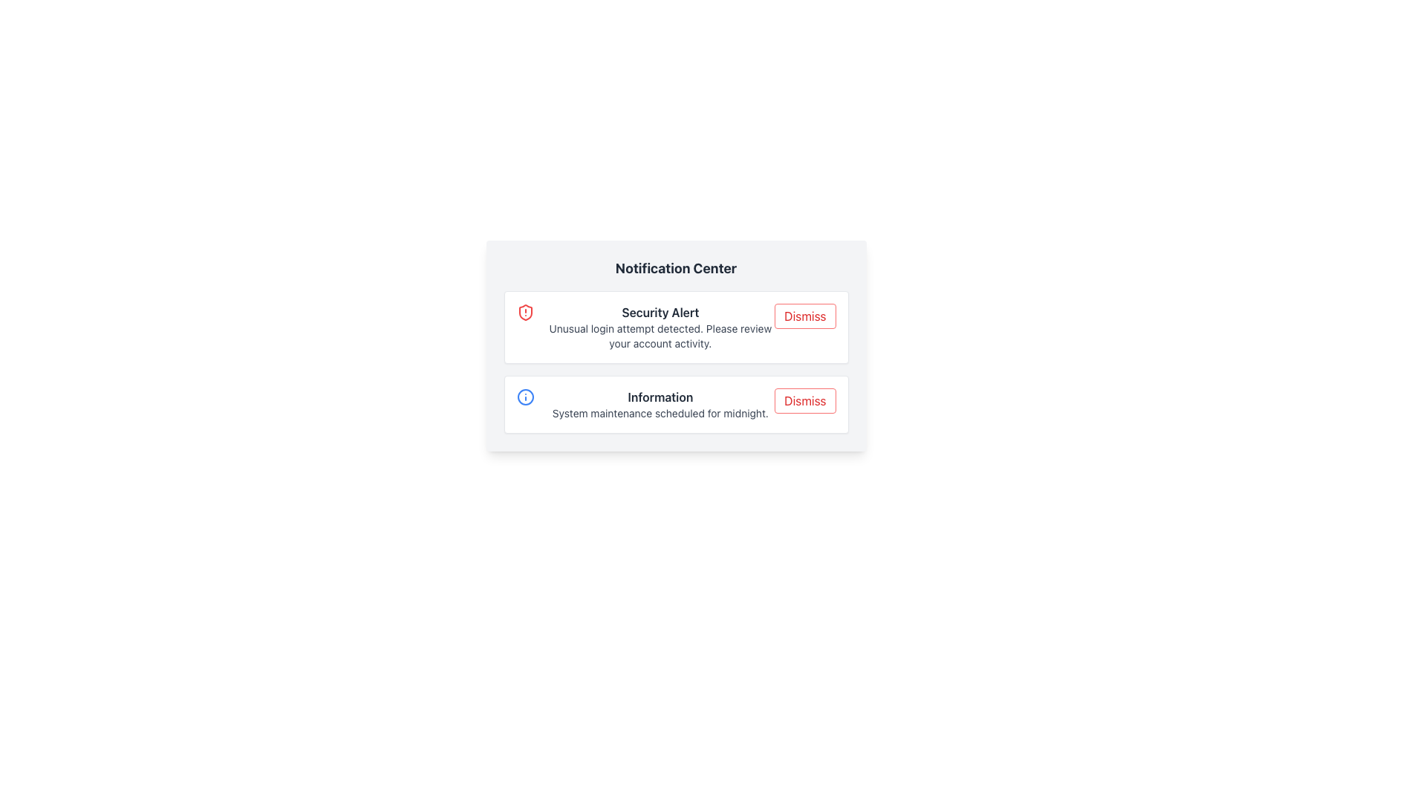 This screenshot has width=1426, height=802. What do you see at coordinates (660, 326) in the screenshot?
I see `message displayed in the 'Security Alert' text block, which contains the warning about an unusual login attempt` at bounding box center [660, 326].